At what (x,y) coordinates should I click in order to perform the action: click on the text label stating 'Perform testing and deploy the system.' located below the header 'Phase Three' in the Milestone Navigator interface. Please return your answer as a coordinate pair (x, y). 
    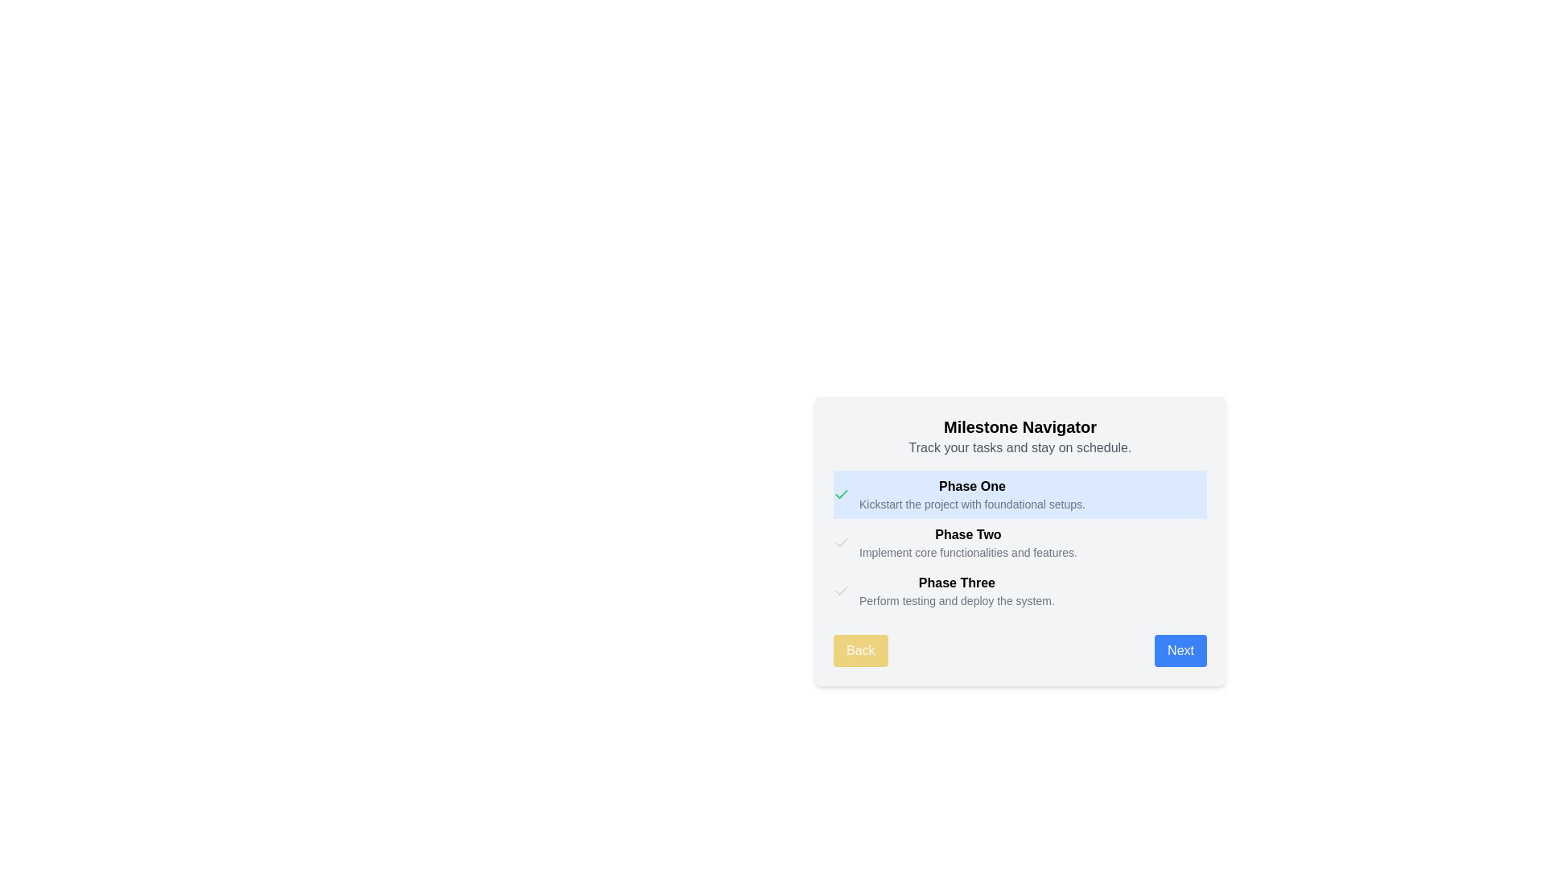
    Looking at the image, I should click on (957, 601).